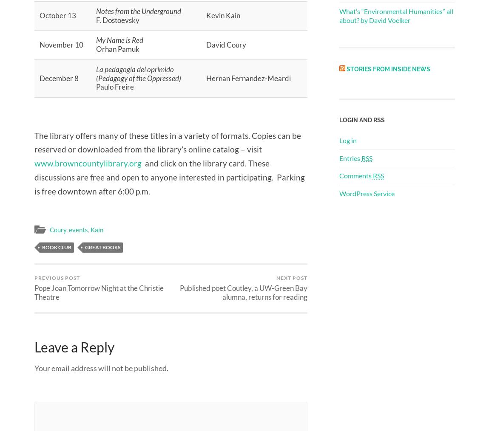 This screenshot has height=431, width=489. What do you see at coordinates (338, 193) in the screenshot?
I see `'WordPress Service'` at bounding box center [338, 193].